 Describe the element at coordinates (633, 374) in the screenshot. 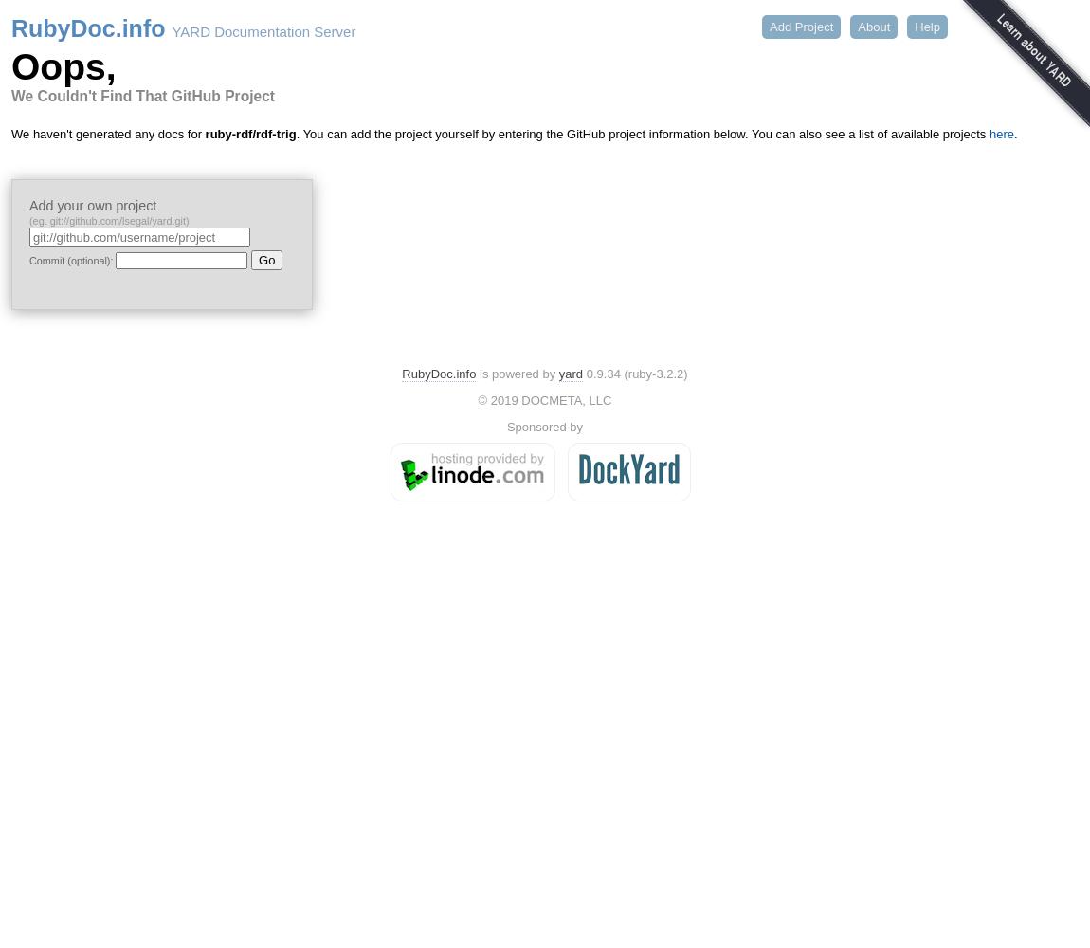

I see `'0.9.34 (ruby-3.2.2)'` at that location.